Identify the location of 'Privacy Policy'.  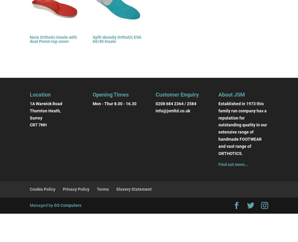
(76, 189).